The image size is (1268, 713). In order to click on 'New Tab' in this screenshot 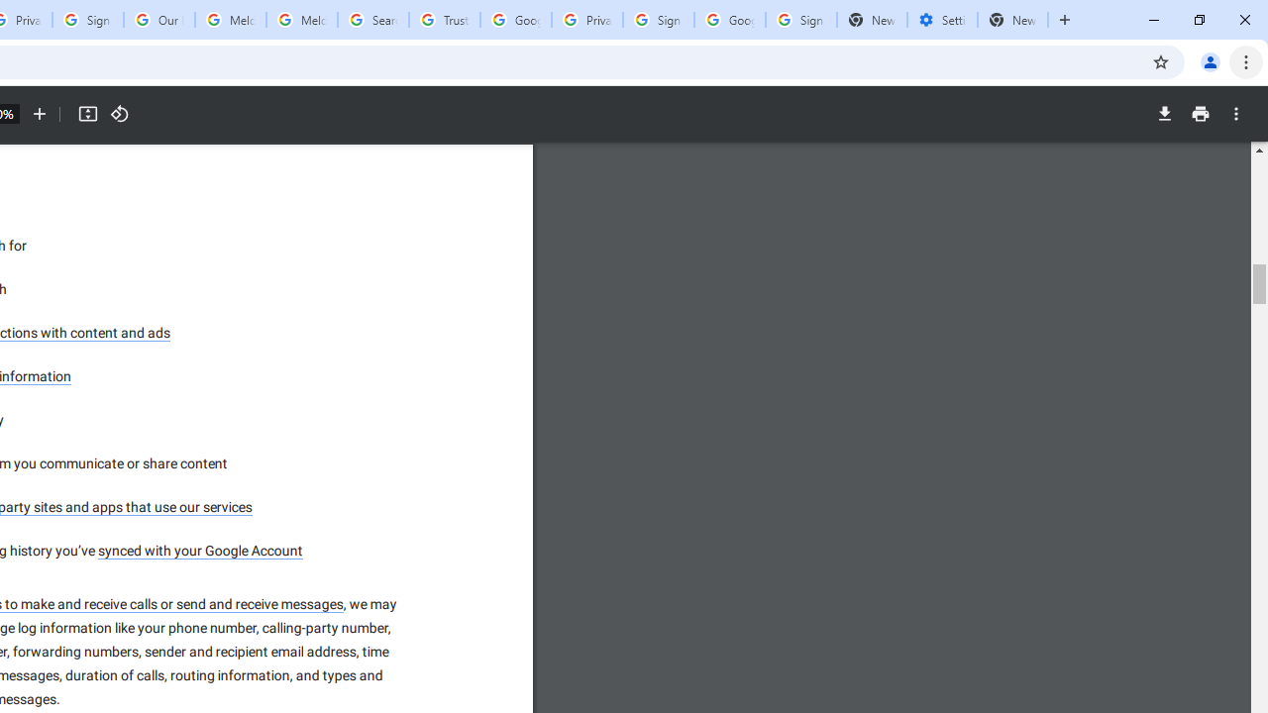, I will do `click(1012, 20)`.